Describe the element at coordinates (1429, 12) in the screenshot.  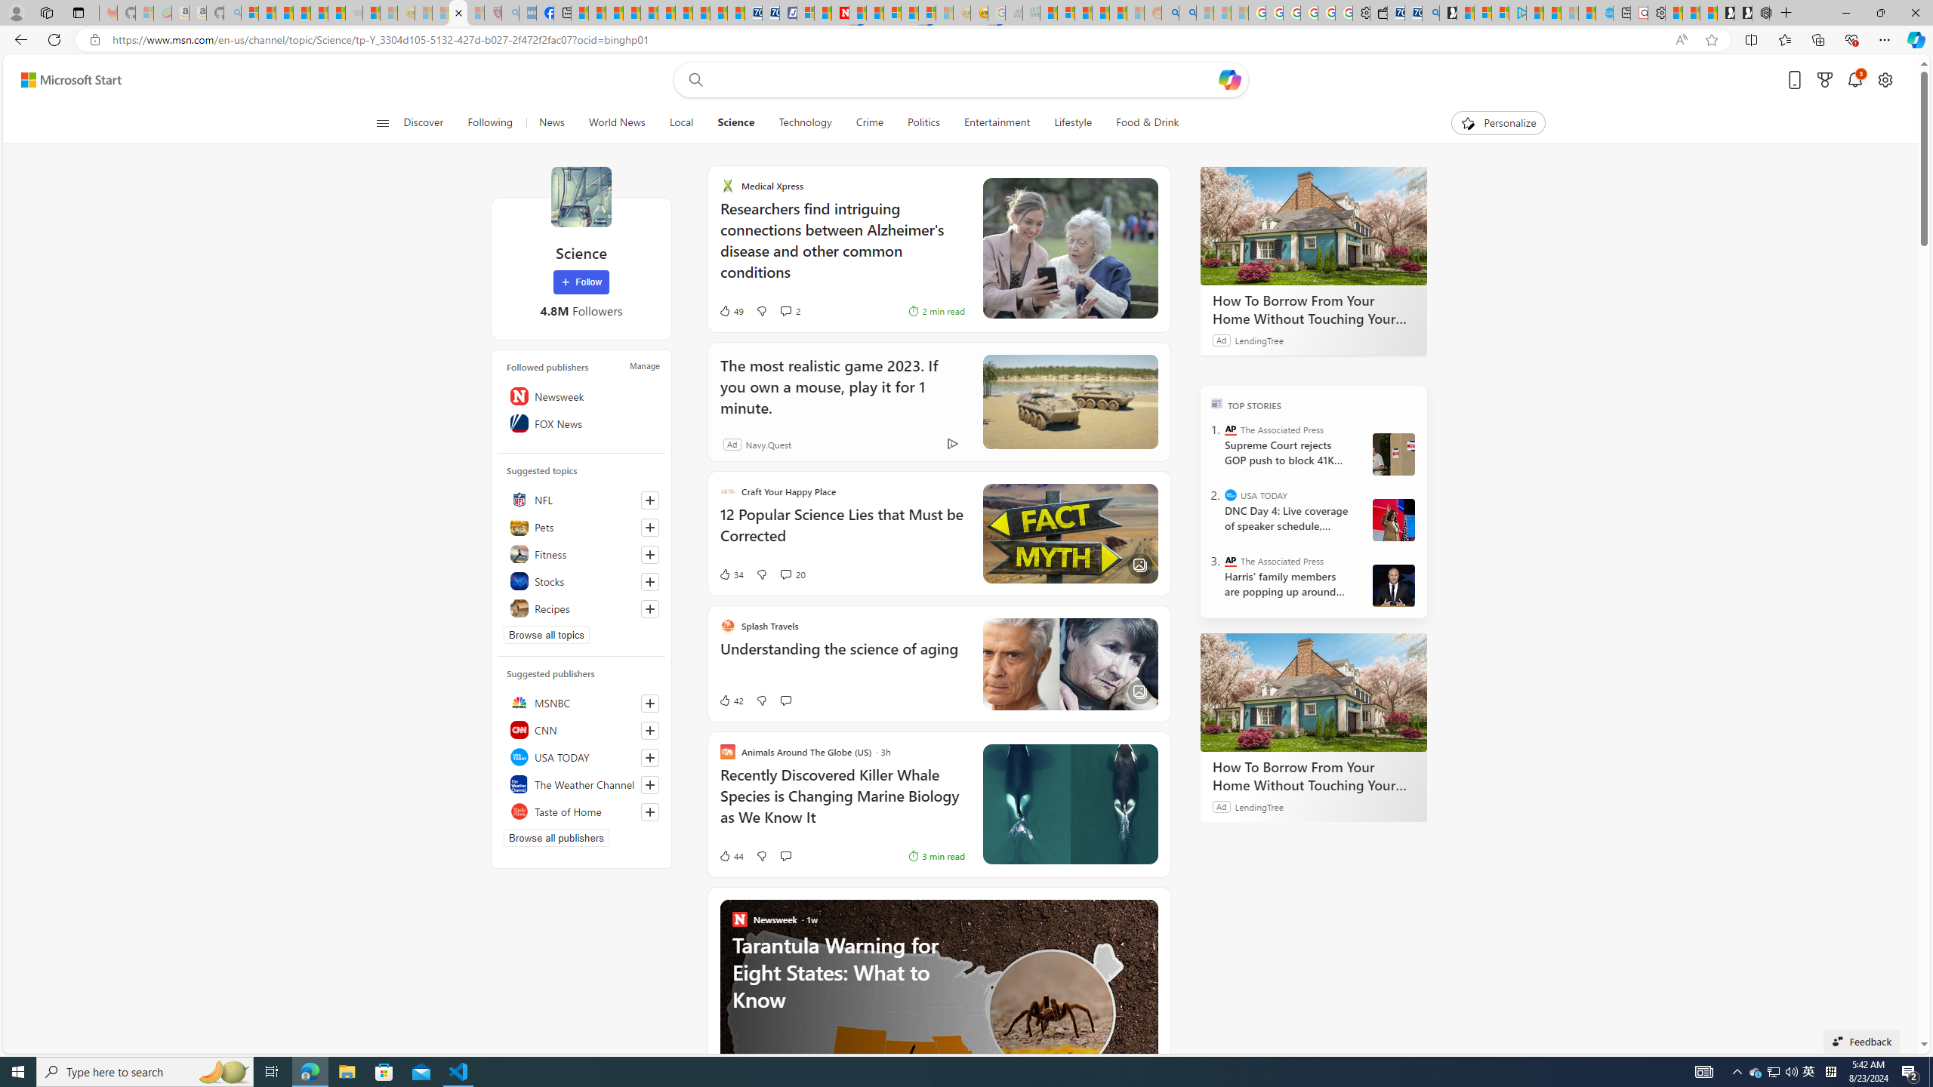
I see `'Bing Real Estate - Home sales and rental listings'` at that location.